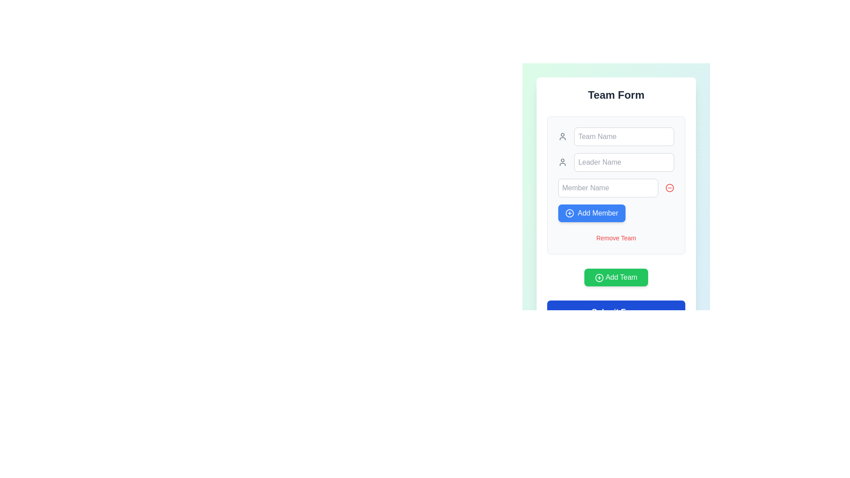  Describe the element at coordinates (562, 162) in the screenshot. I see `the user profile icon, which is an outline of a person in grey color, located to the left of the 'Leader Name' input field` at that location.